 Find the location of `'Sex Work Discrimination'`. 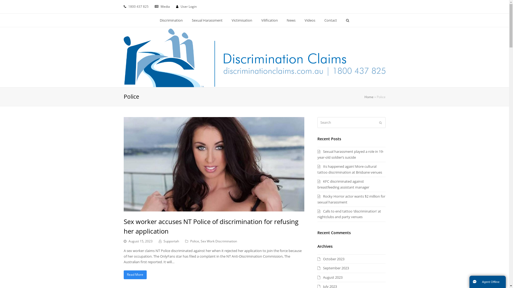

'Sex Work Discrimination' is located at coordinates (200, 241).